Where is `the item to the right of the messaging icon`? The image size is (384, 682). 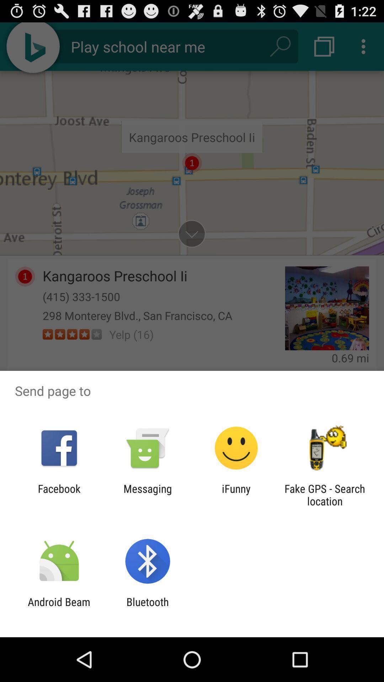
the item to the right of the messaging icon is located at coordinates (236, 494).